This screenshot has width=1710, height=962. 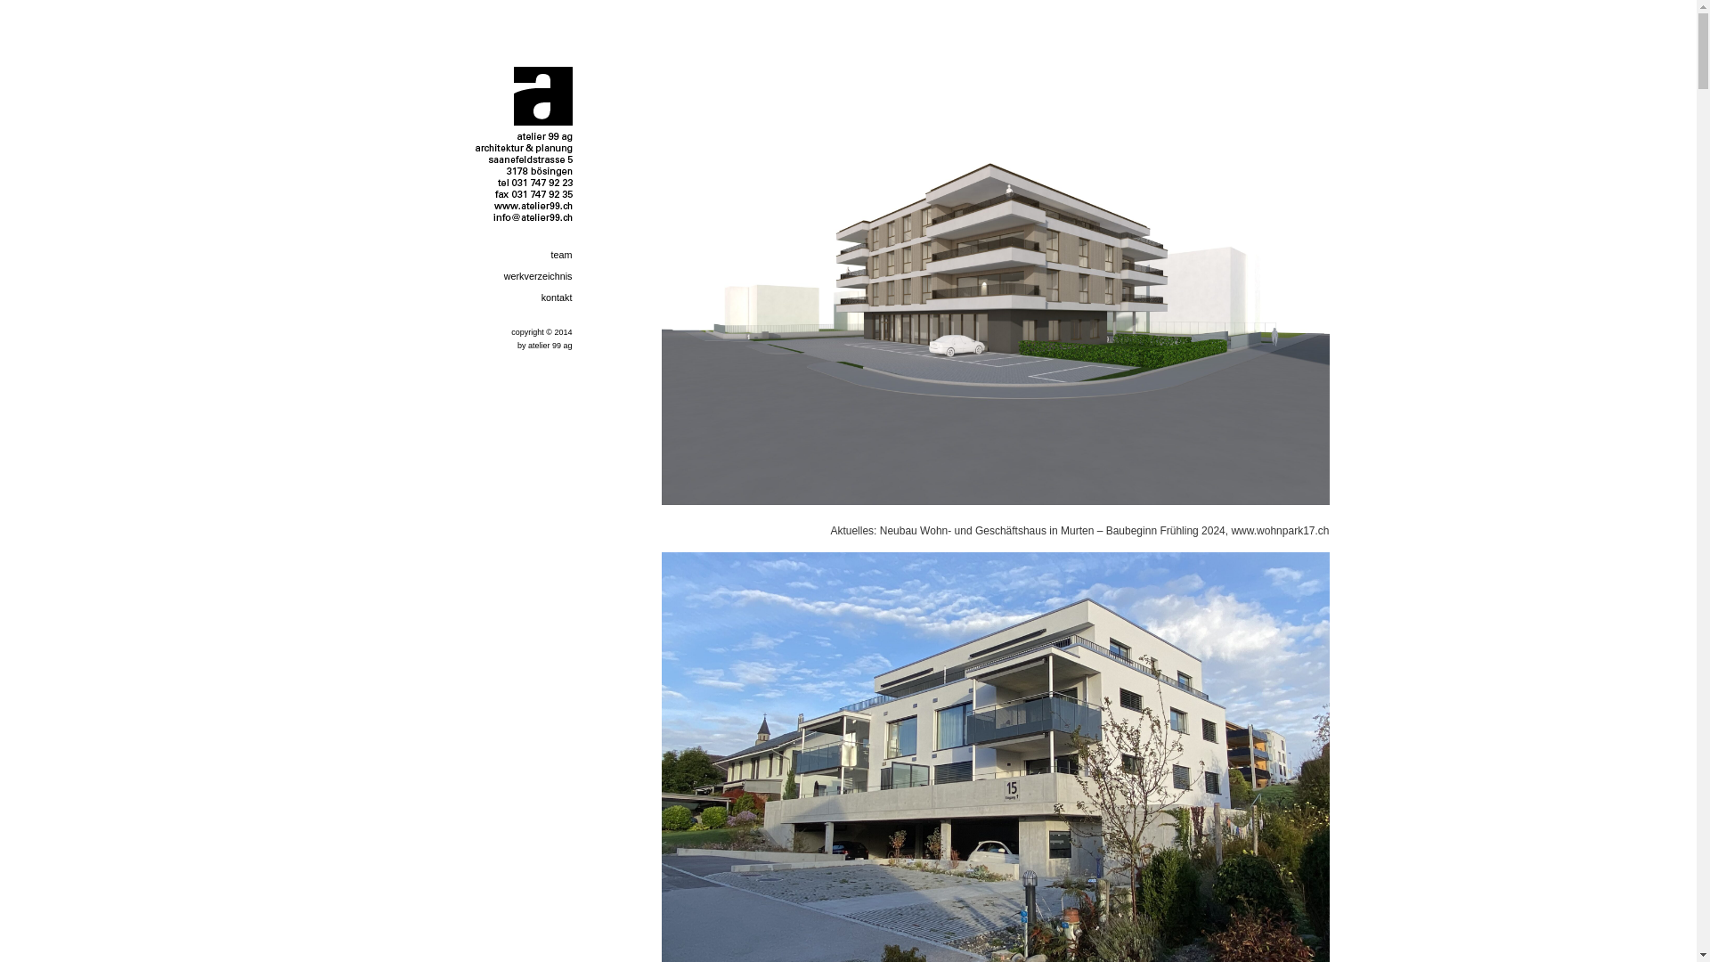 What do you see at coordinates (521, 297) in the screenshot?
I see `'kontakt'` at bounding box center [521, 297].